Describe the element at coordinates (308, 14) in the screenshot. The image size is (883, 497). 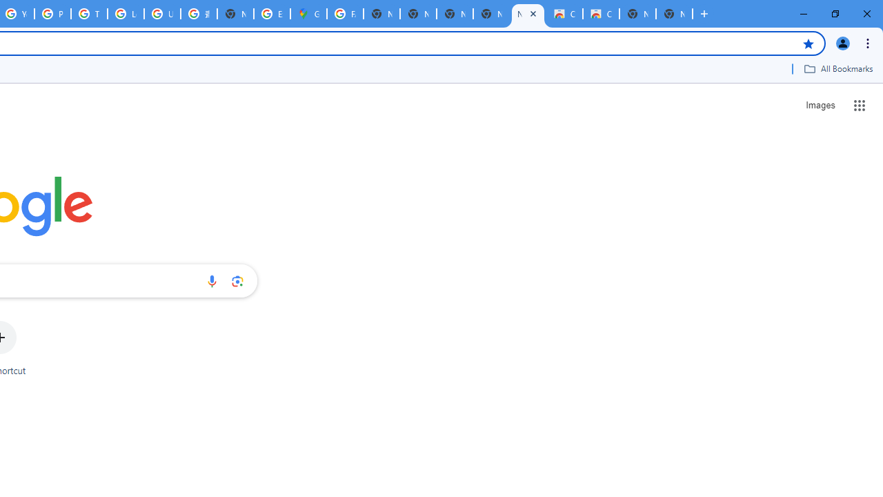
I see `'Google Maps'` at that location.